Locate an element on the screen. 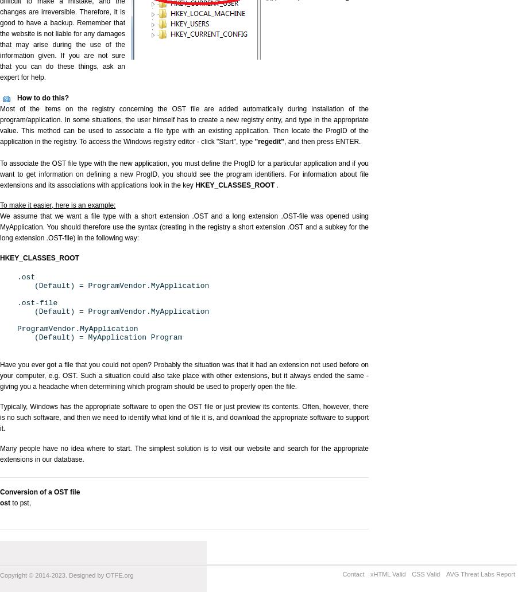  'Conversion of a OST file' is located at coordinates (0, 492).